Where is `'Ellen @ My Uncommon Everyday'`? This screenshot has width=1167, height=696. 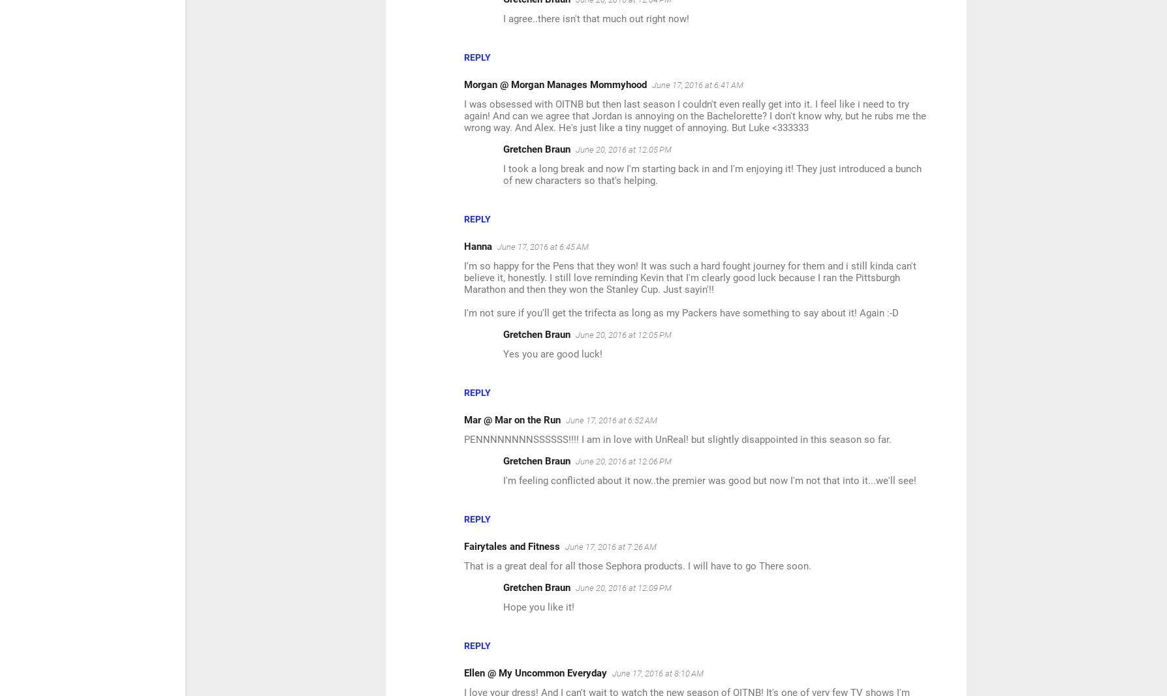
'Ellen @ My Uncommon Everyday' is located at coordinates (535, 673).